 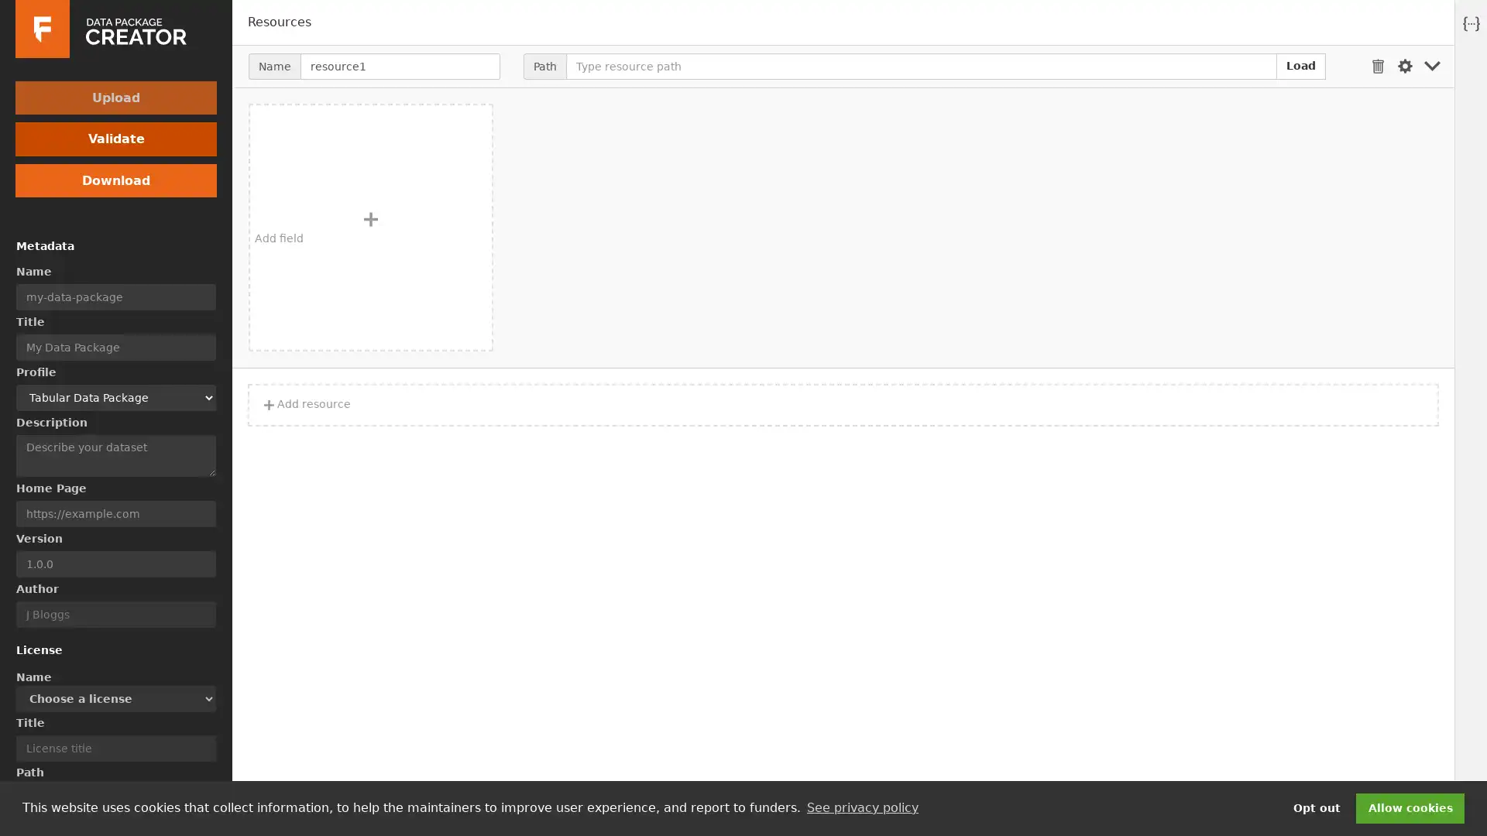 I want to click on Validate, so click(x=115, y=138).